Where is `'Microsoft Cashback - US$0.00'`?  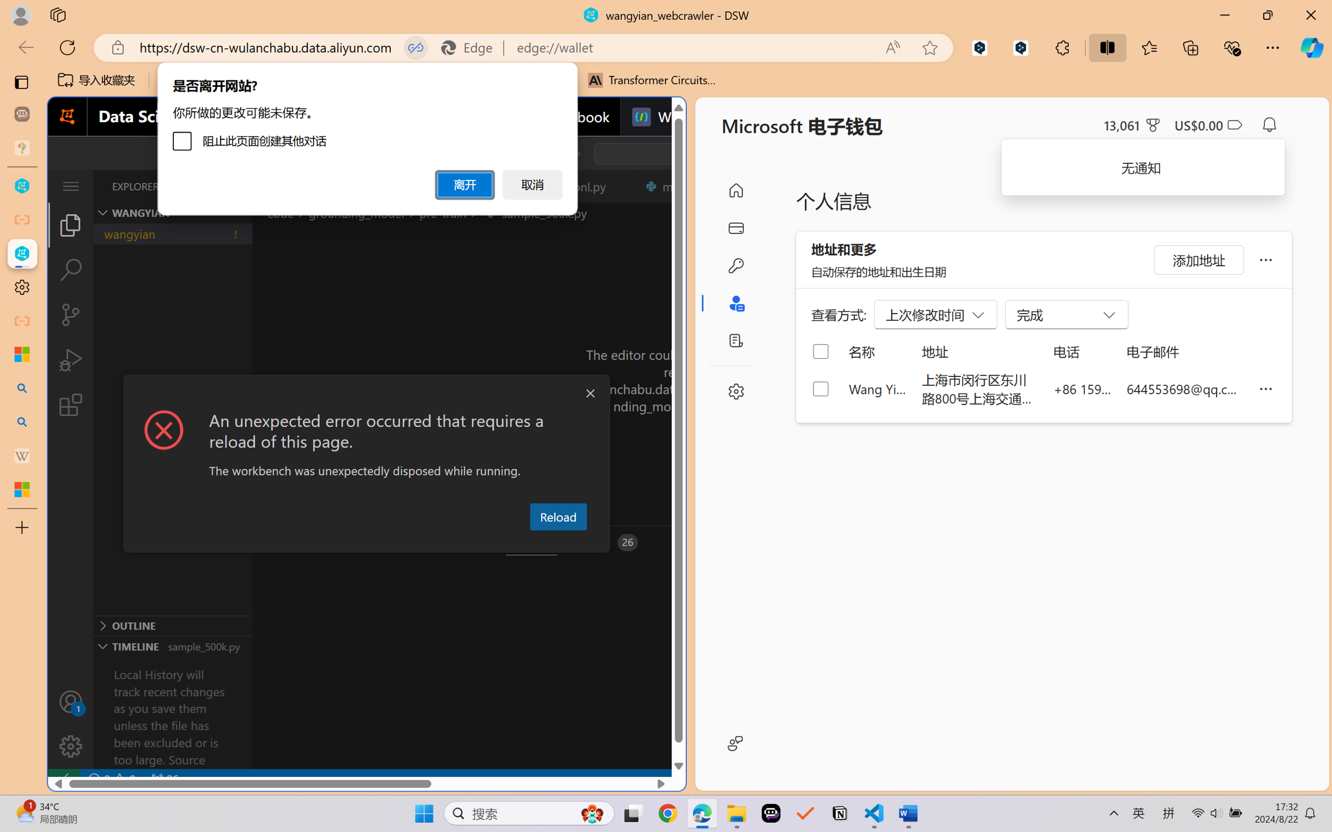 'Microsoft Cashback - US$0.00' is located at coordinates (1208, 125).